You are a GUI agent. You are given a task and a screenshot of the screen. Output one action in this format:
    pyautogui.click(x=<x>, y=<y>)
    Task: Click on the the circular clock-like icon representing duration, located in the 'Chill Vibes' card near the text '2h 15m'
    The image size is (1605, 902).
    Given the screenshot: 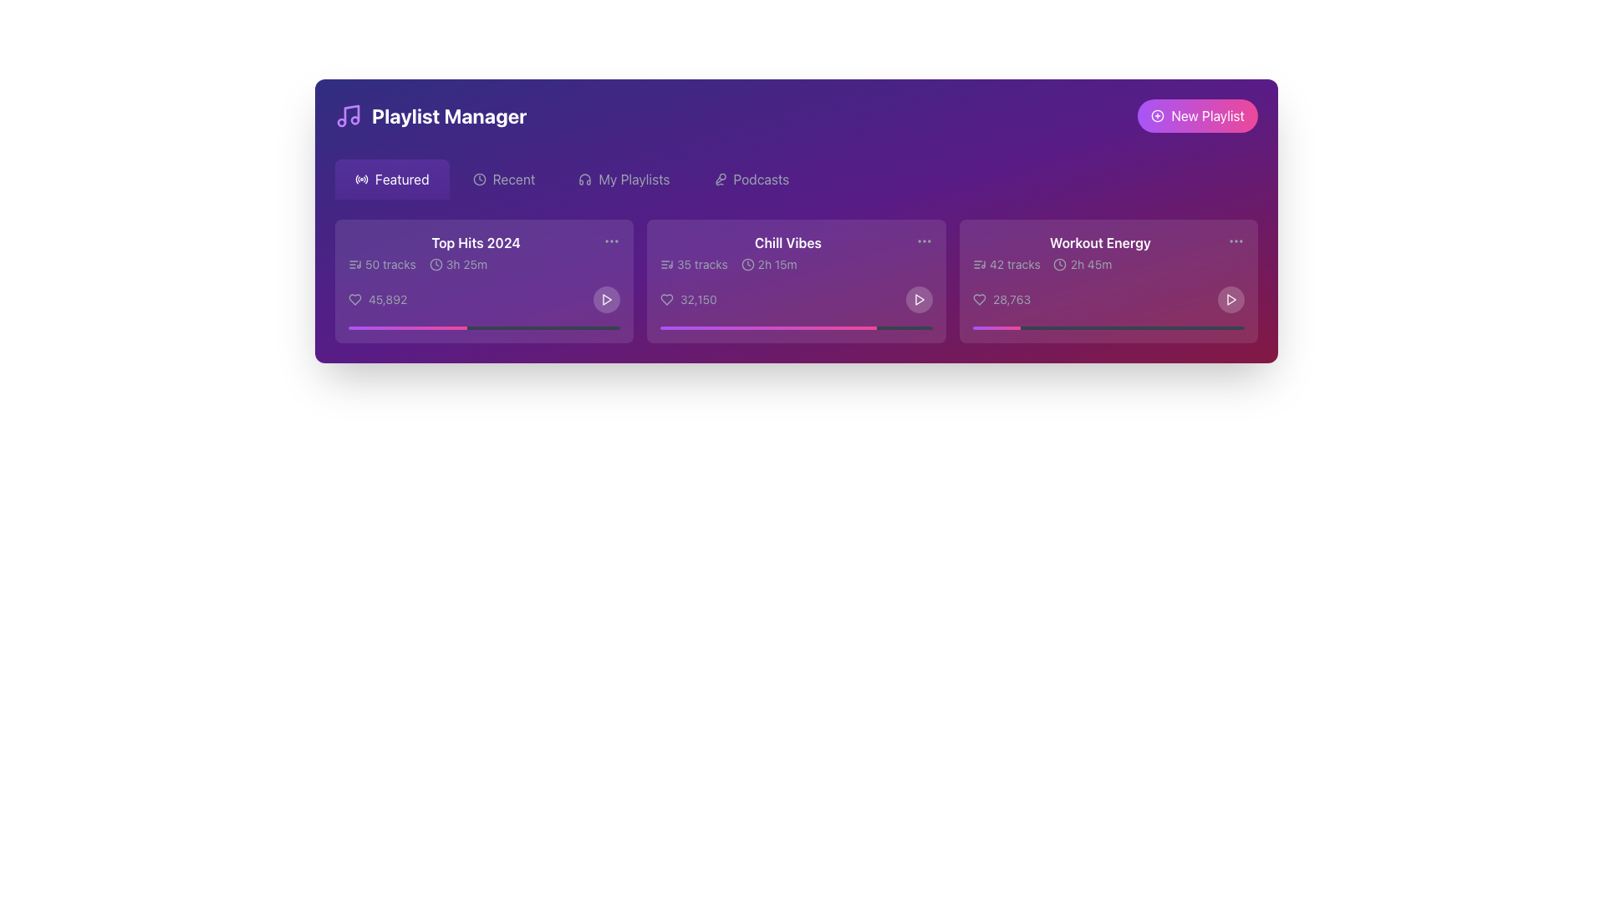 What is the action you would take?
    pyautogui.click(x=746, y=263)
    